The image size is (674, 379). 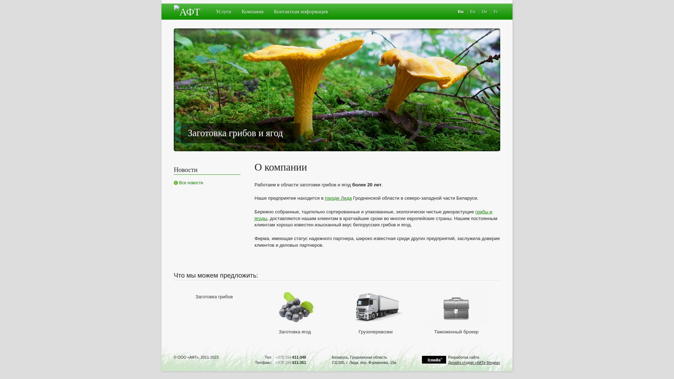 What do you see at coordinates (472, 11) in the screenshot?
I see `'En'` at bounding box center [472, 11].